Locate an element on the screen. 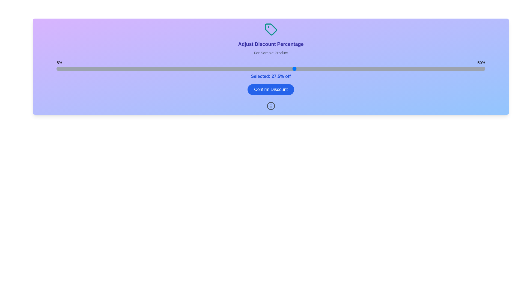 This screenshot has width=524, height=295. the discount percentage is located at coordinates (190, 68).